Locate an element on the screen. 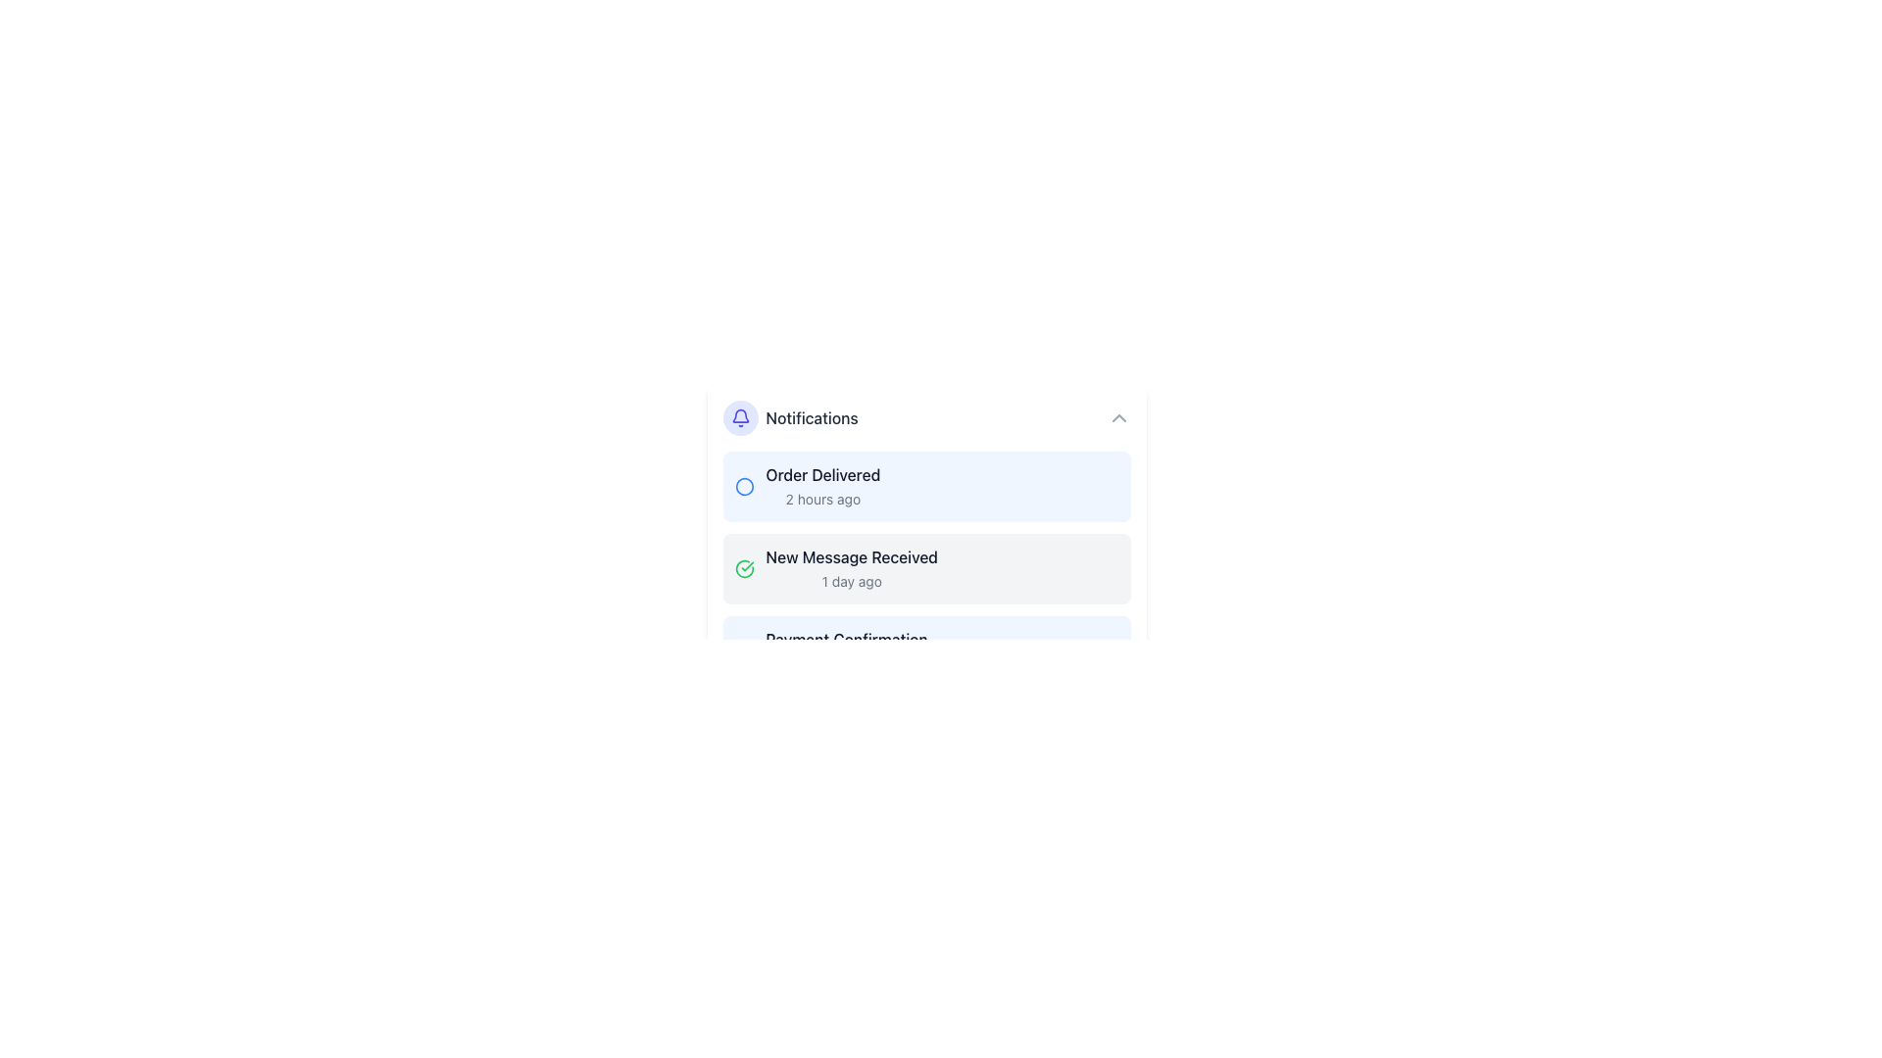 This screenshot has width=1882, height=1058. the notification title text block that informs the user of a delivered order, located above the '2 hours ago' text component is located at coordinates (822, 475).